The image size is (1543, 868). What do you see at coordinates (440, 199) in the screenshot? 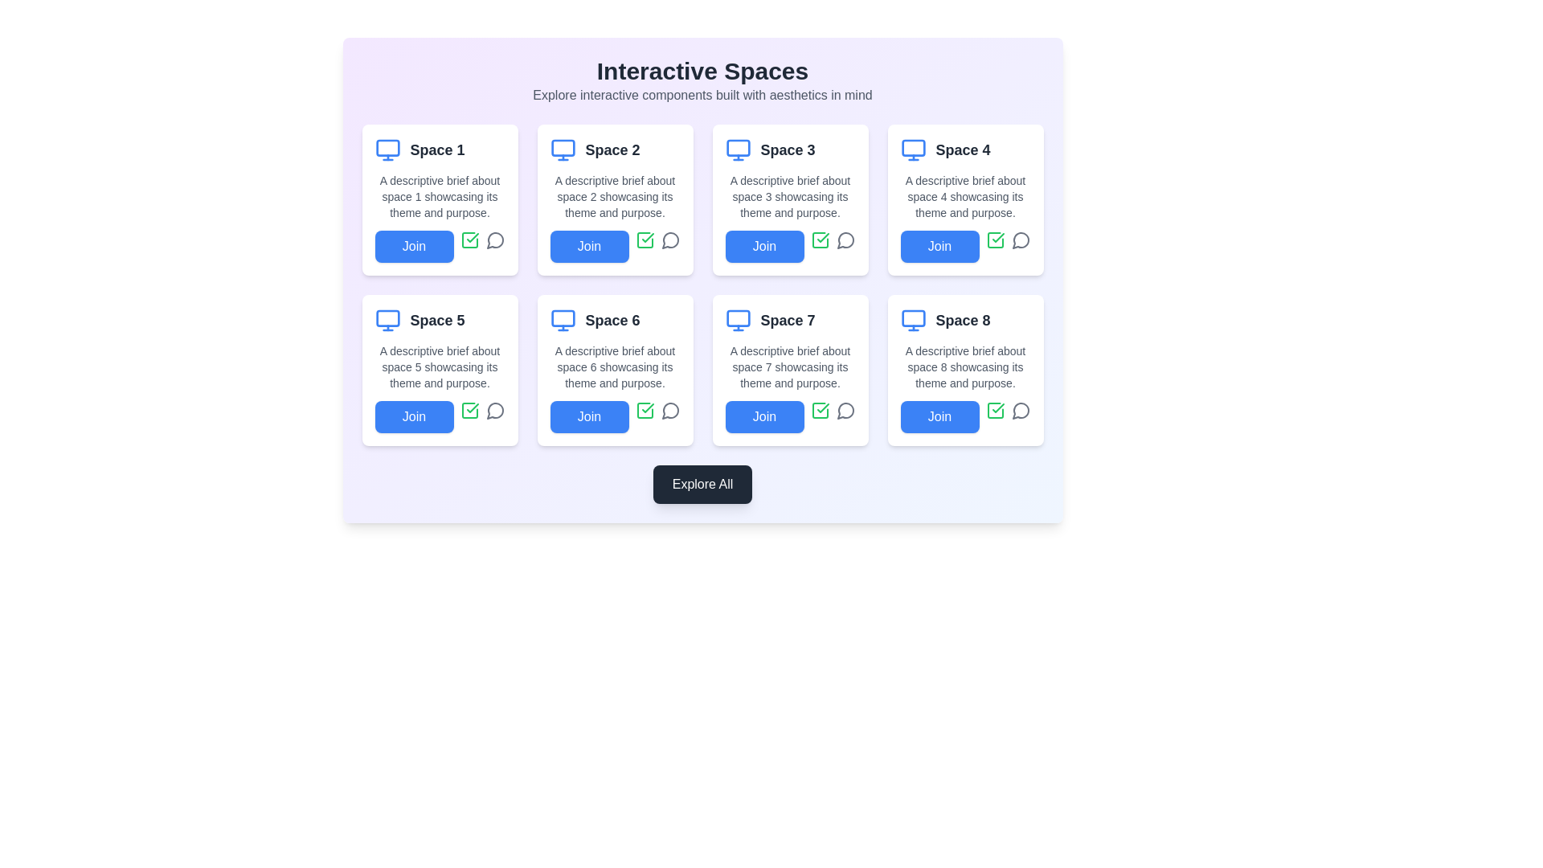
I see `descriptive text of the Interactive Card labeled 'Space 1', which is located at the top-left corner of the grid layout` at bounding box center [440, 199].